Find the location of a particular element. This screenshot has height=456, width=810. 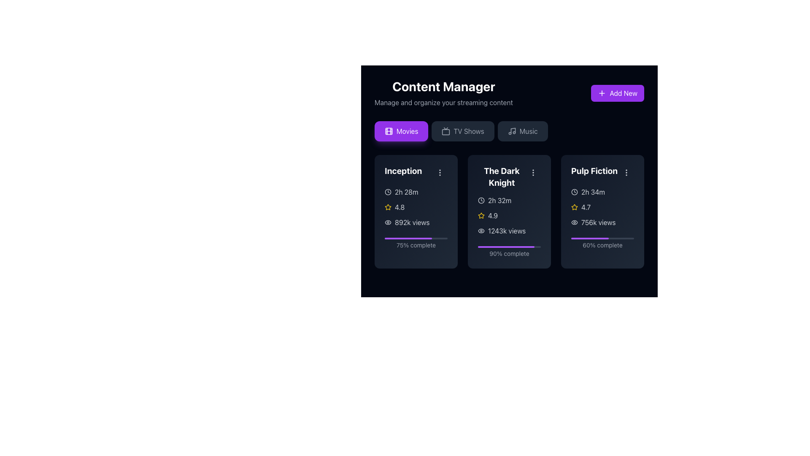

the circular clock icon representing the main clock face in 'The Dark Knight' movie card is located at coordinates (481, 200).